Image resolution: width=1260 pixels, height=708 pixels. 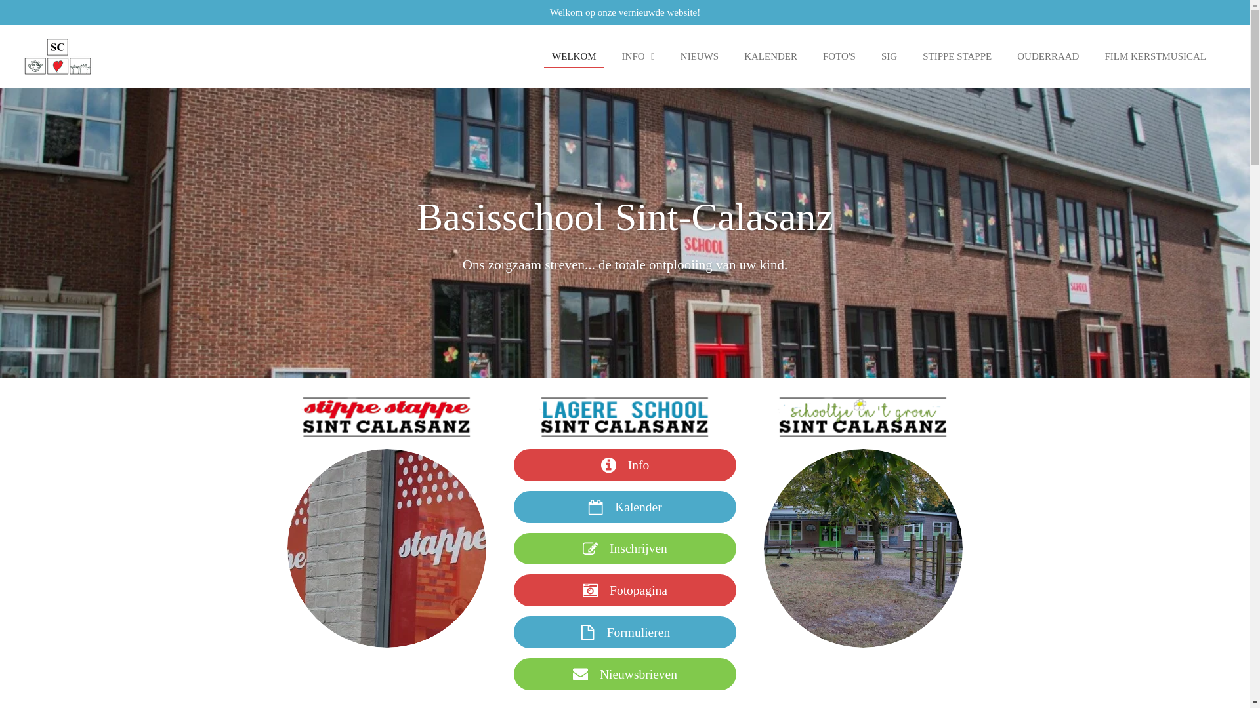 I want to click on 'FOTO'S', so click(x=838, y=56).